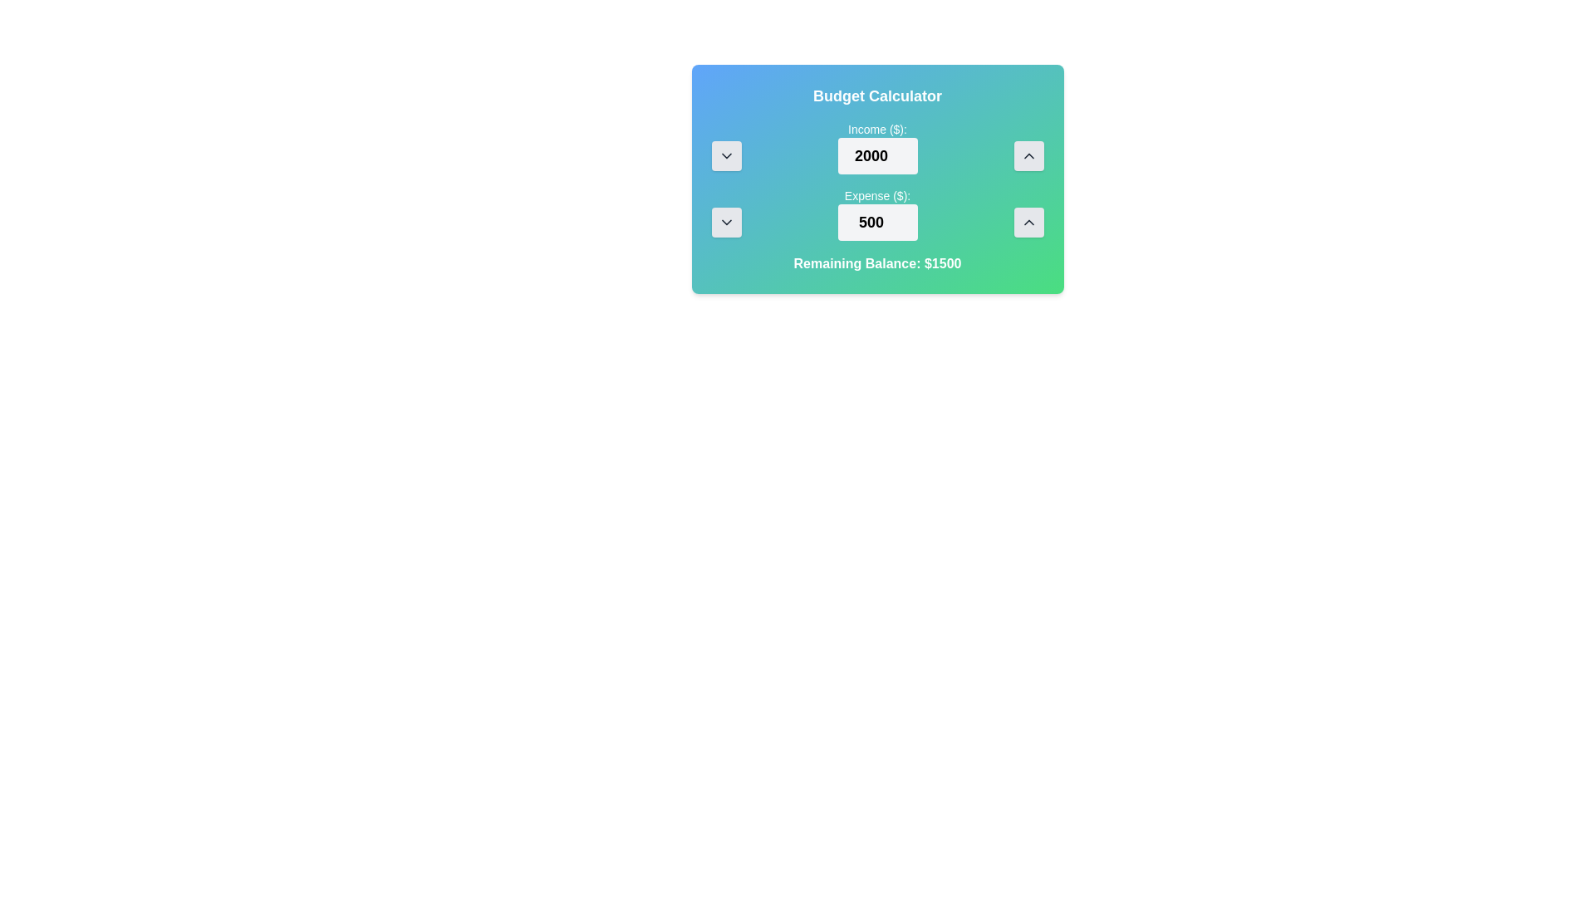  What do you see at coordinates (726, 156) in the screenshot?
I see `the downward chevron icon within the 'Budget Calculator' button` at bounding box center [726, 156].